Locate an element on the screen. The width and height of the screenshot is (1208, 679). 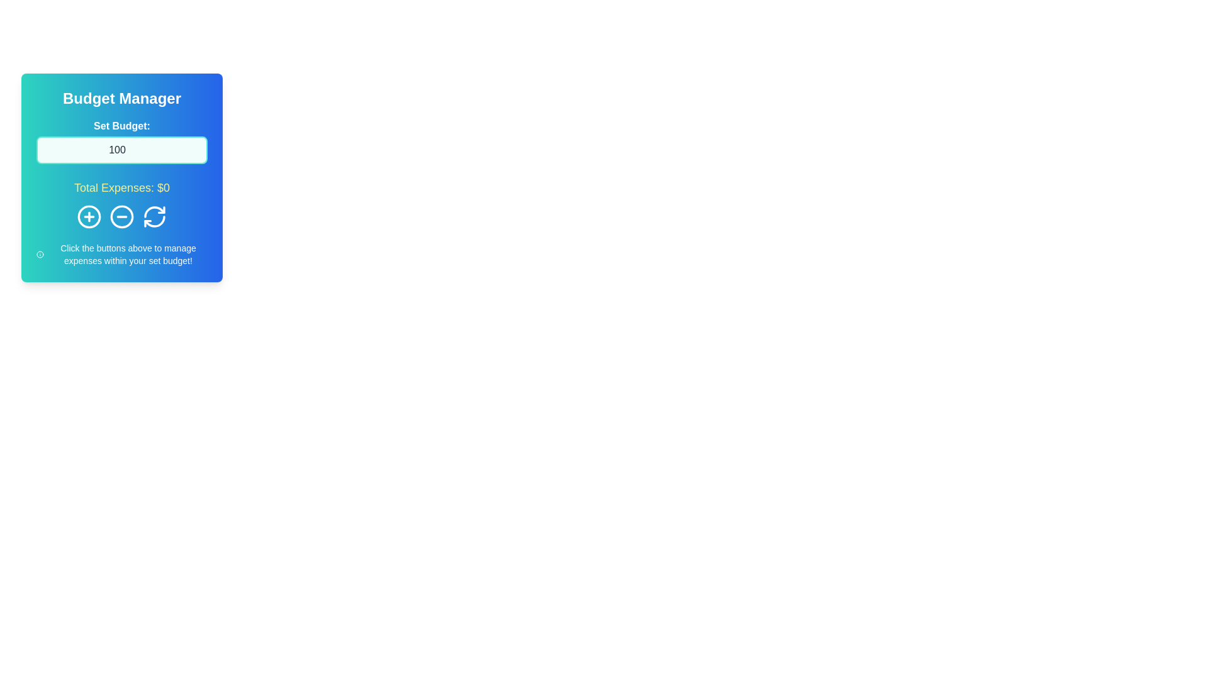
the central button in the row of three buttons, which functions to decrease a value is located at coordinates (121, 216).